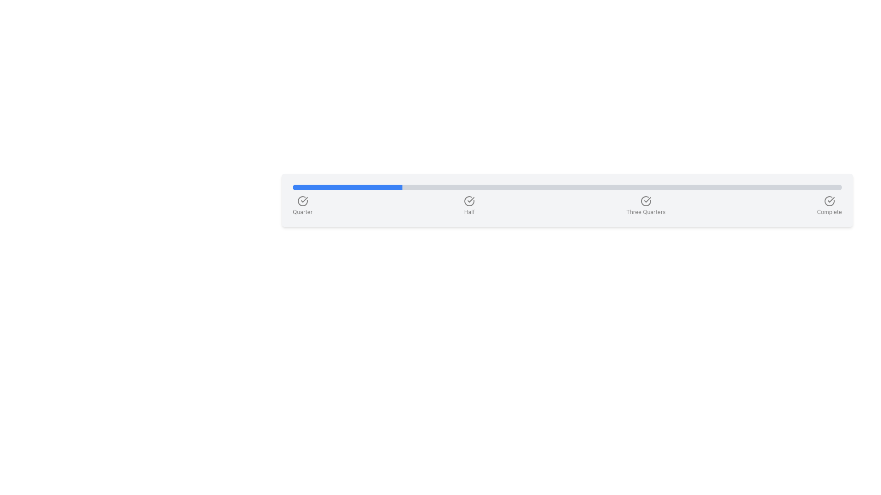 This screenshot has height=495, width=881. What do you see at coordinates (829, 201) in the screenshot?
I see `the circular icon with a checkmark inside, which is styled with a gray outline and is part of a grouped interface element at the far-right end of a horizontal progress indicator` at bounding box center [829, 201].